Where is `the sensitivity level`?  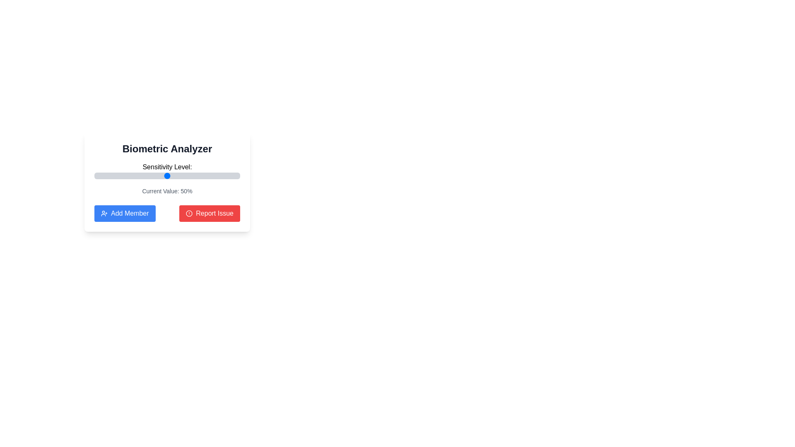
the sensitivity level is located at coordinates (113, 175).